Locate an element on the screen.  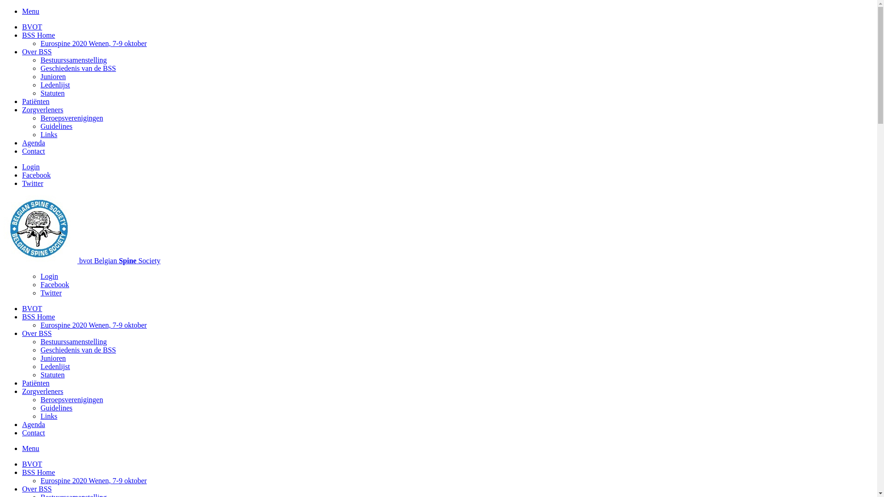
'Links' is located at coordinates (40, 134).